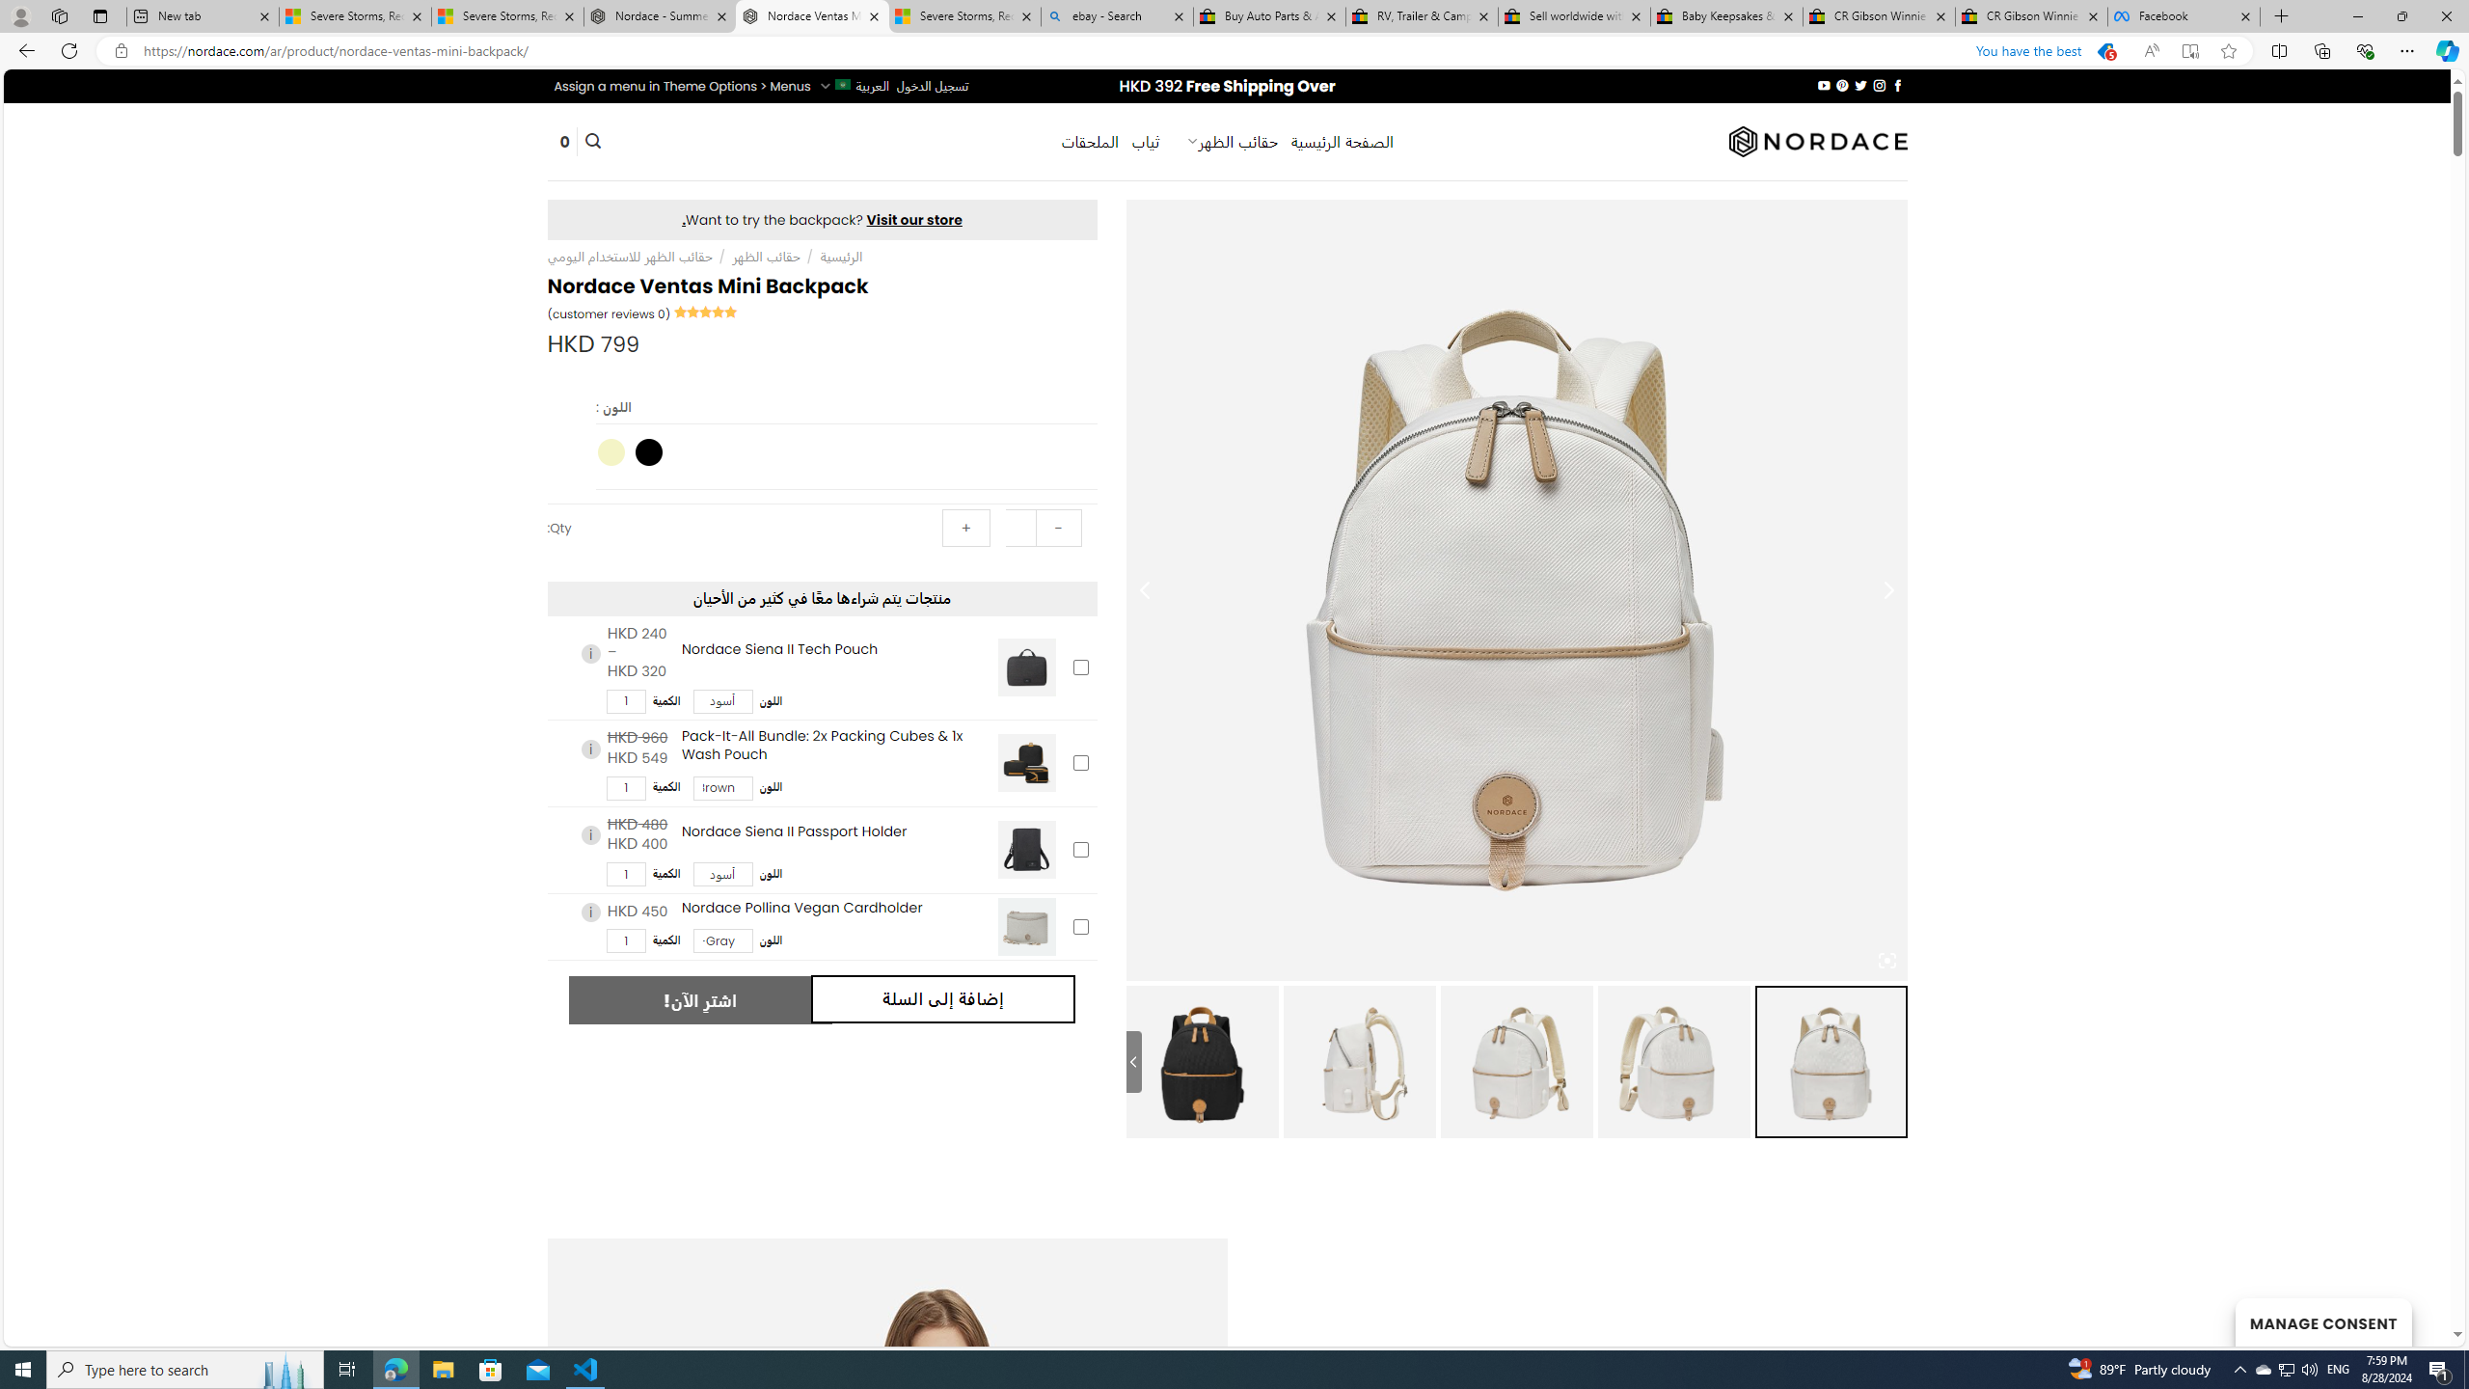 The image size is (2469, 1389). Describe the element at coordinates (1025, 762) in the screenshot. I see `'Pack-It-All Bundle: 2x Packing Cubes & 1x Wash Pouch'` at that location.